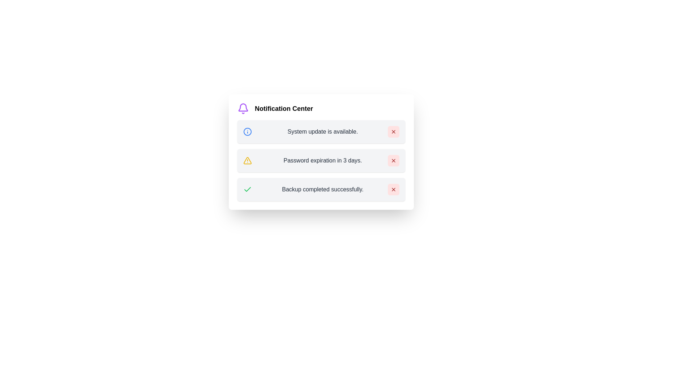 Image resolution: width=694 pixels, height=390 pixels. I want to click on close button for Backup completed successfully. to dismiss it, so click(393, 189).